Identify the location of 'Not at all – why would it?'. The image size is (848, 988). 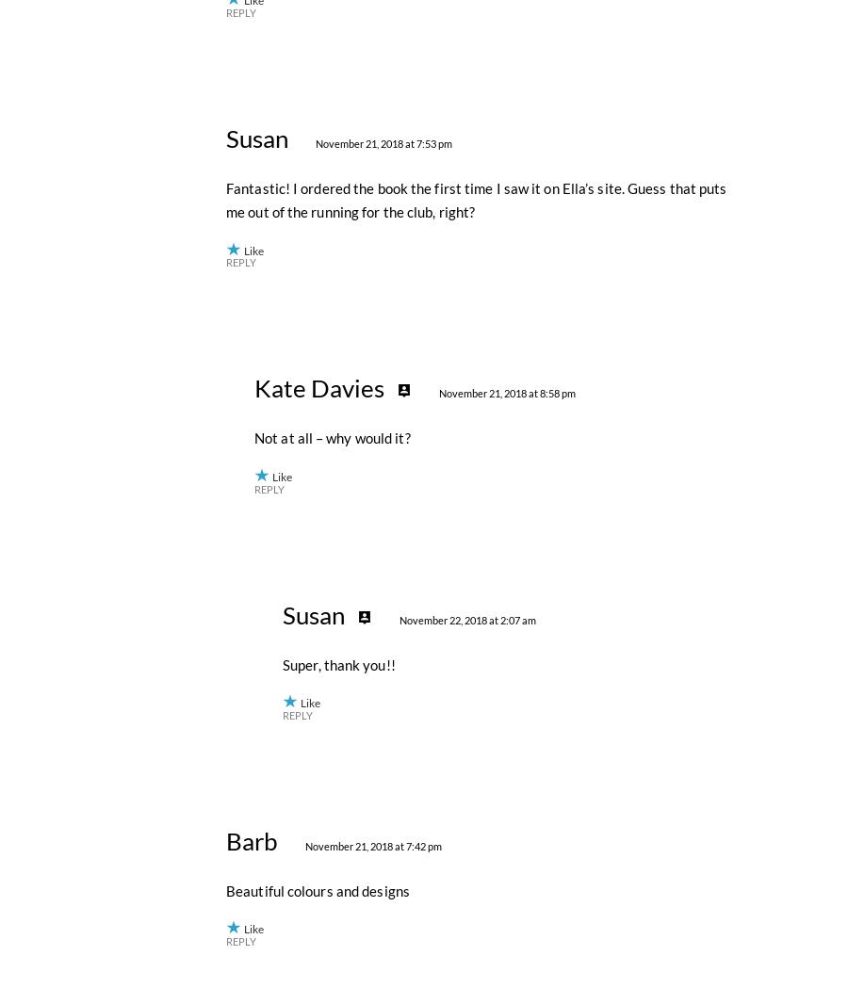
(332, 850).